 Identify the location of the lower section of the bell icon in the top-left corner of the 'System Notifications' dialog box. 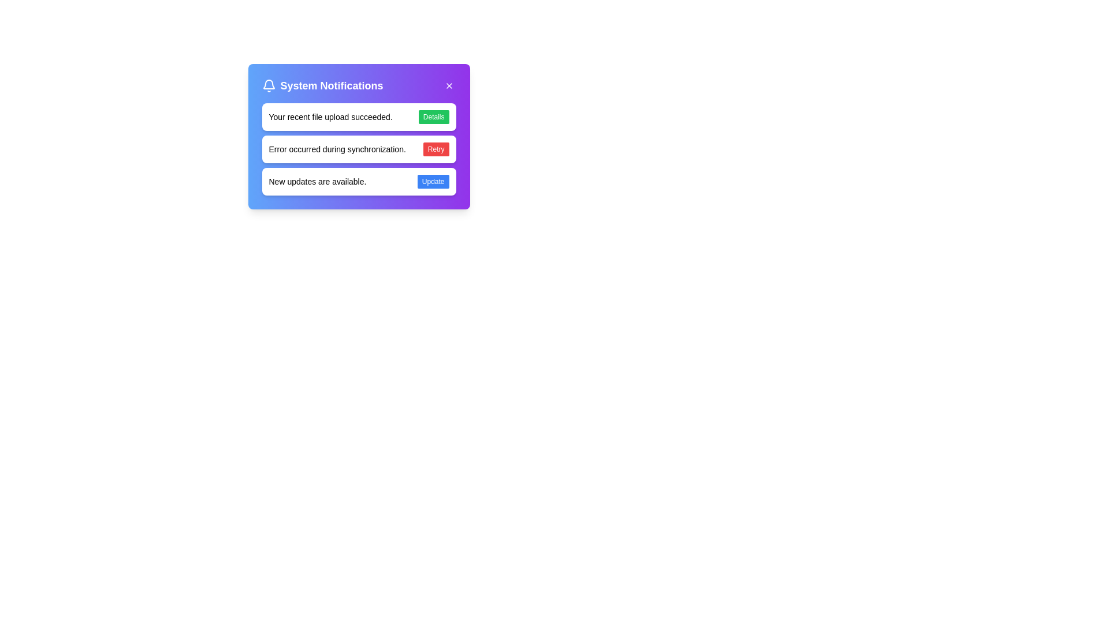
(268, 84).